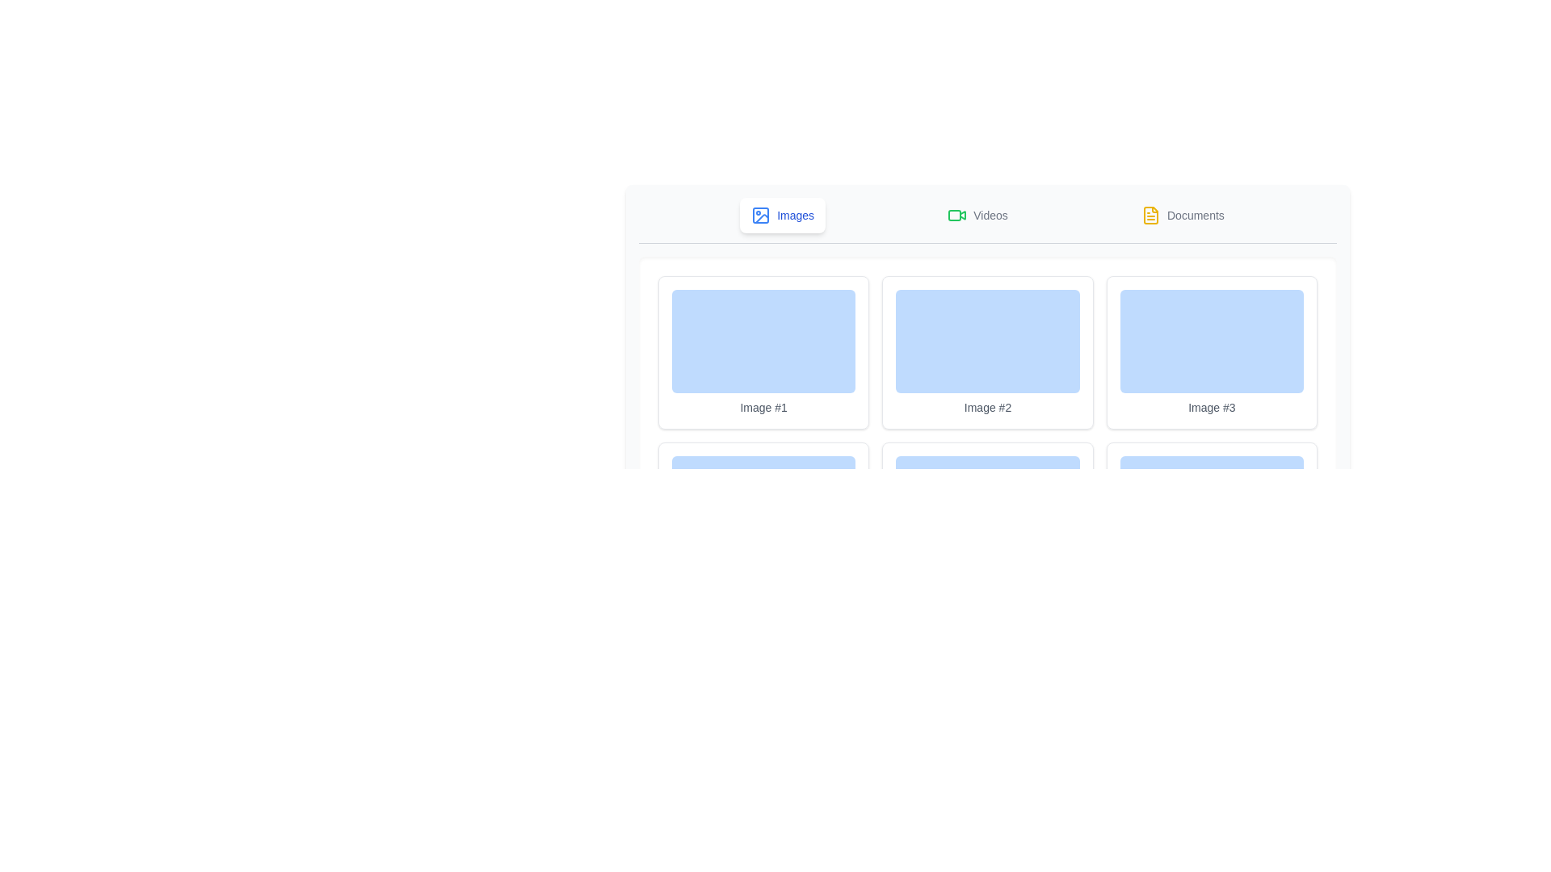  Describe the element at coordinates (987, 220) in the screenshot. I see `the tab in the navigation bar` at that location.